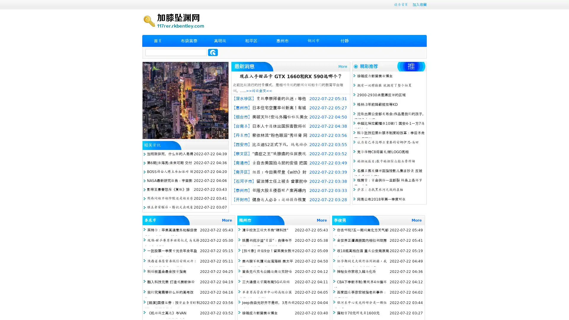  What do you see at coordinates (213, 52) in the screenshot?
I see `Search` at bounding box center [213, 52].